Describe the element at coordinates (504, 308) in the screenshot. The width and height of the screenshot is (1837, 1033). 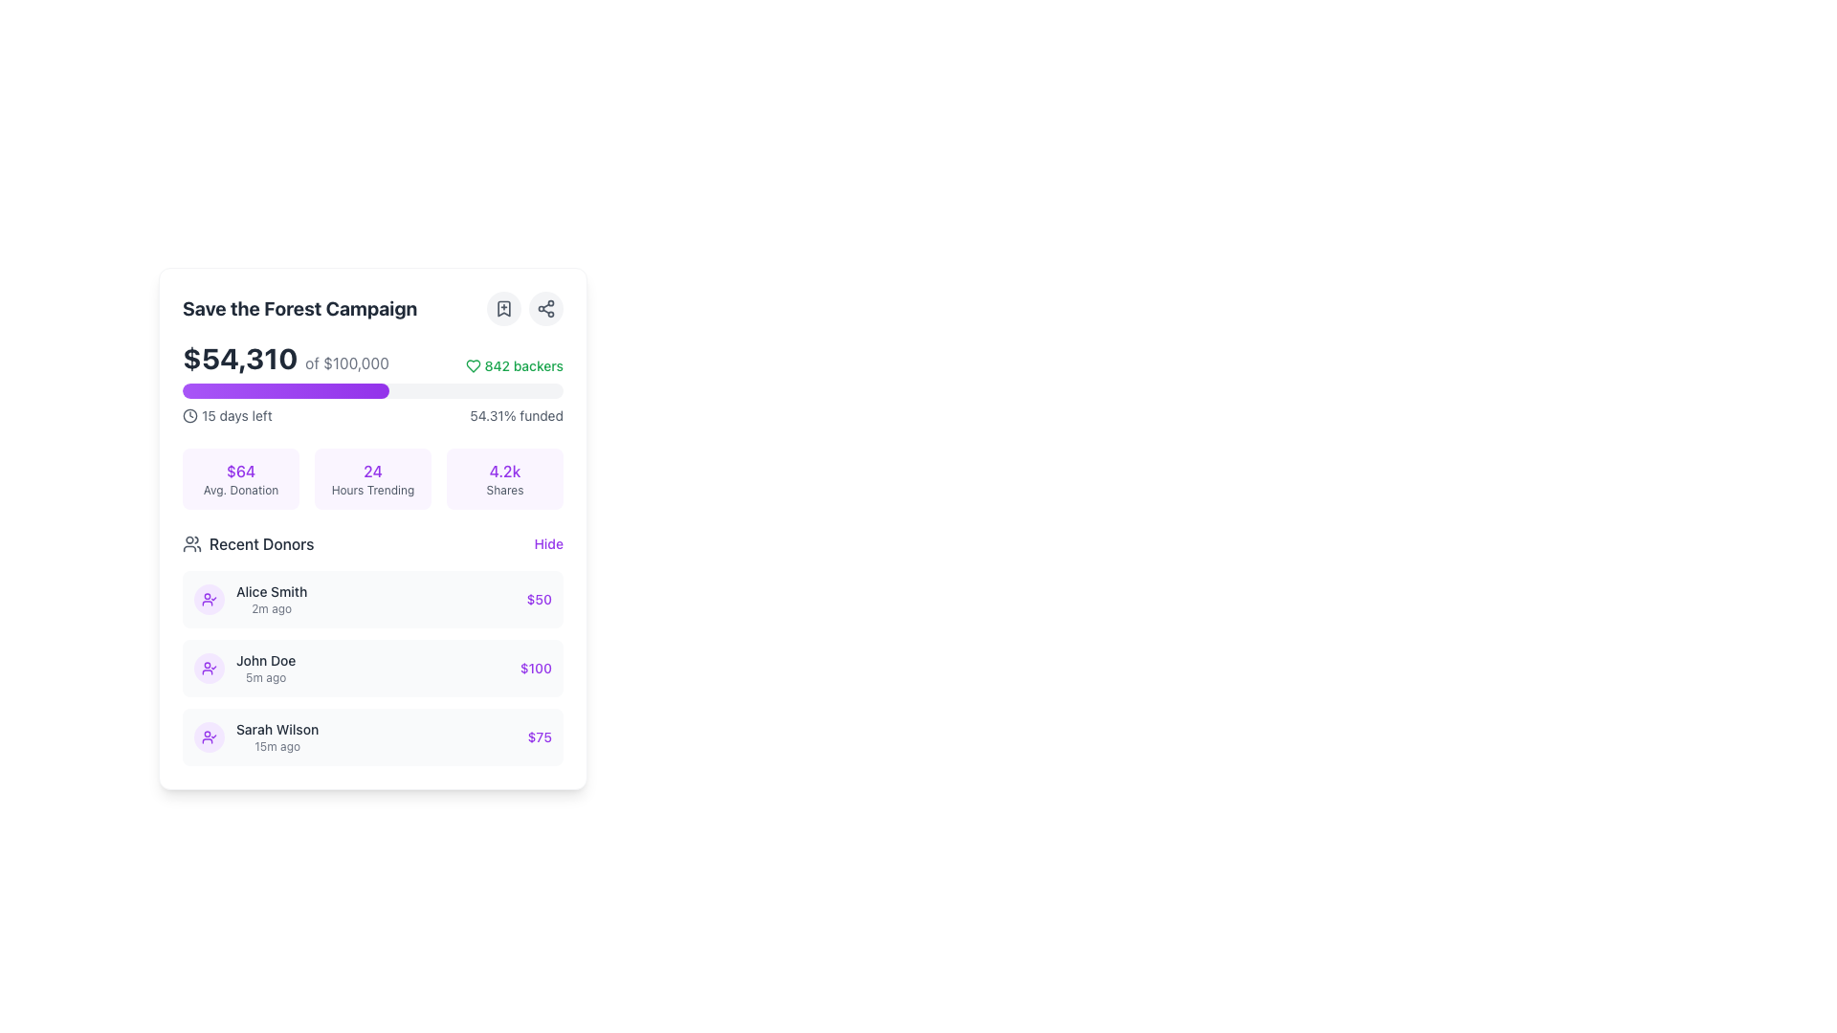
I see `the bookmark-plus icon within the circular button located to the left of the share icon, positioned to the right of the 'Save the Forest Campaign' header` at that location.